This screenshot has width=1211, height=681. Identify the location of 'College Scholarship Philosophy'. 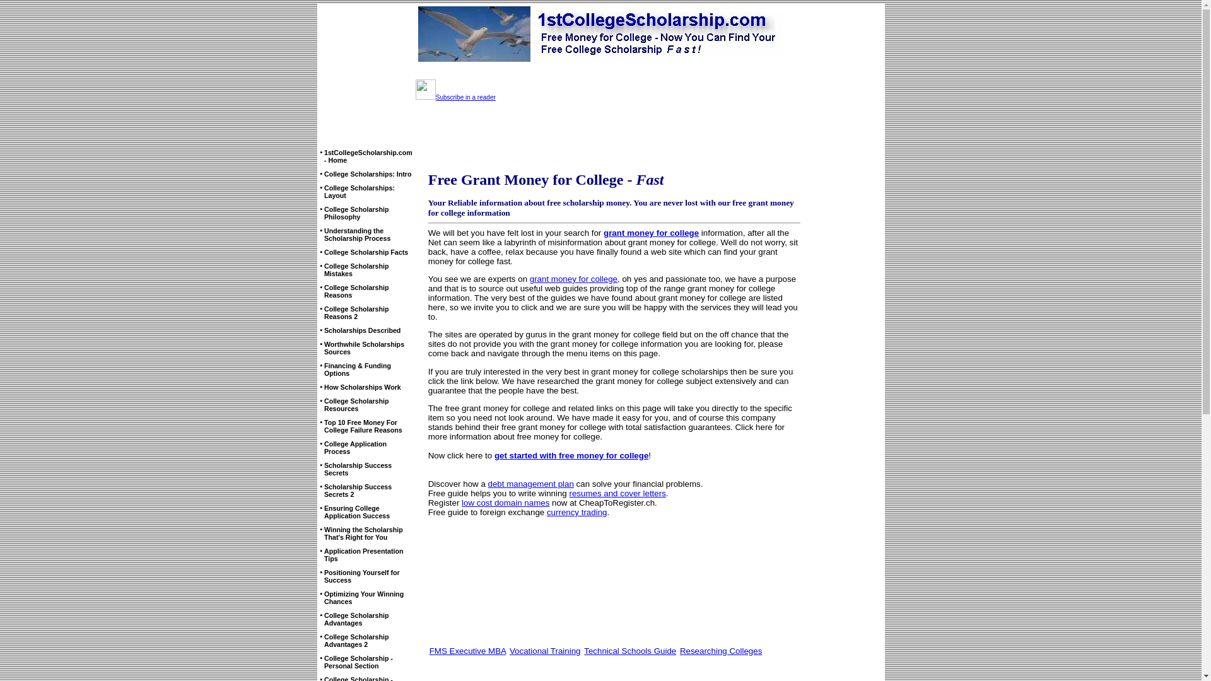
(356, 212).